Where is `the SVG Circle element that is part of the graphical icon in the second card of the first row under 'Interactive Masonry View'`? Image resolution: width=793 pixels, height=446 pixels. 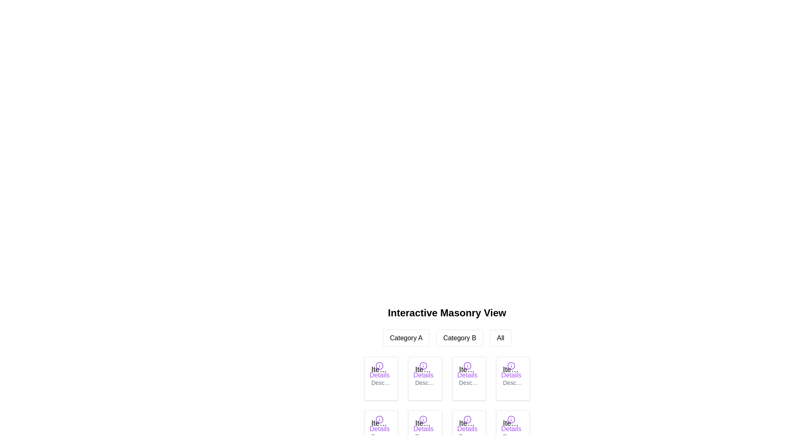 the SVG Circle element that is part of the graphical icon in the second card of the first row under 'Interactive Masonry View' is located at coordinates (423, 365).